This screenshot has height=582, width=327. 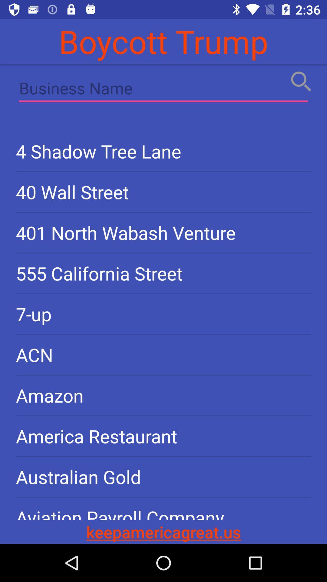 I want to click on acn icon, so click(x=163, y=355).